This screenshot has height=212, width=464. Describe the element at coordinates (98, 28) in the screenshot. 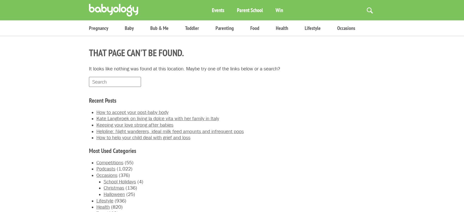

I see `'Pregnancy'` at that location.